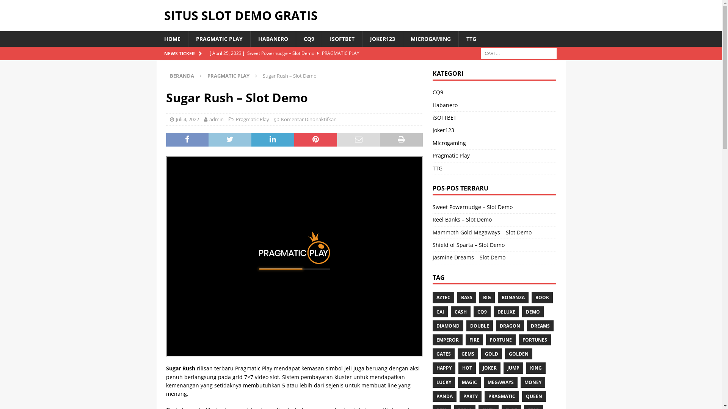  I want to click on 'TTG', so click(470, 39).